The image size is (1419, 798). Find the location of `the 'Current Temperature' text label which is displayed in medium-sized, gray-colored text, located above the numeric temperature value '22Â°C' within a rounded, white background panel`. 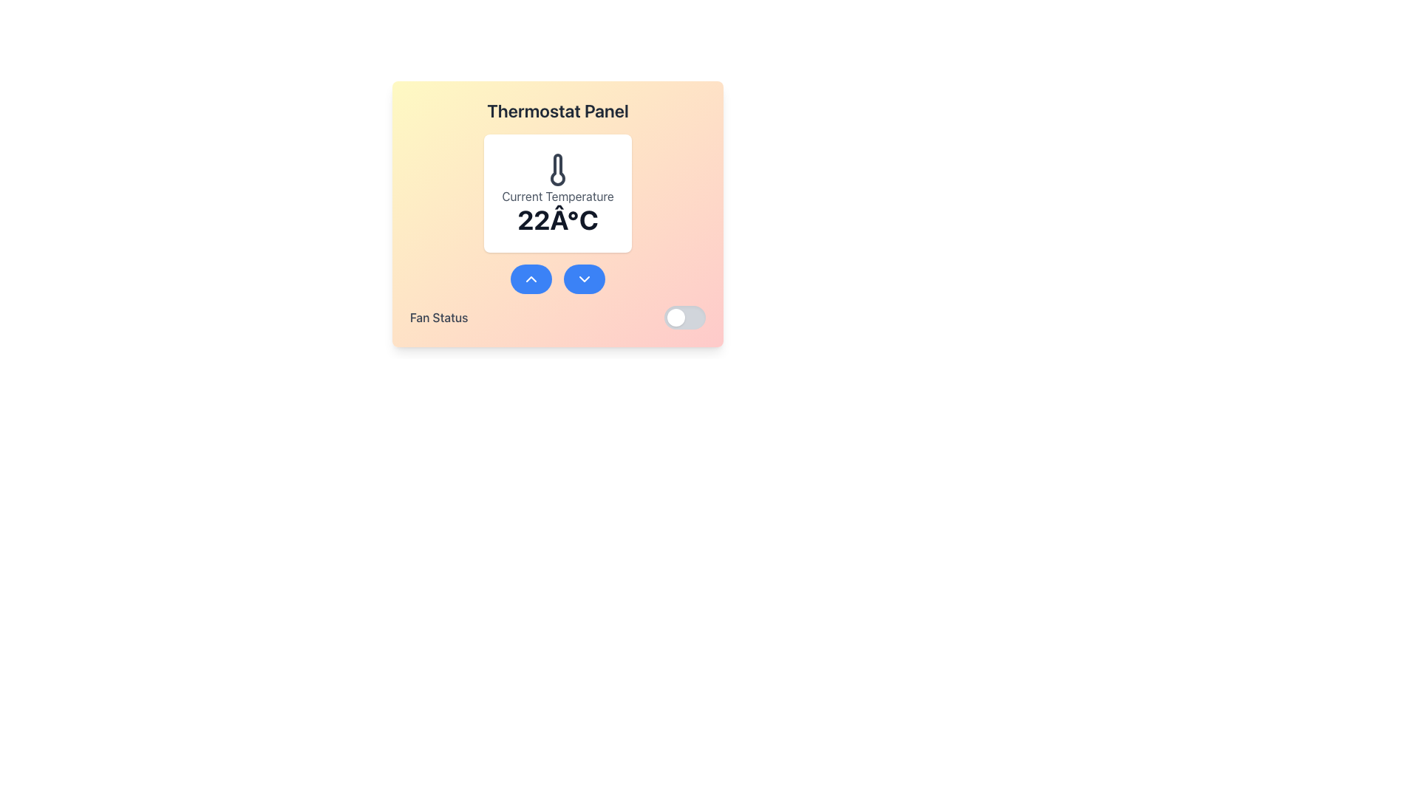

the 'Current Temperature' text label which is displayed in medium-sized, gray-colored text, located above the numeric temperature value '22Â°C' within a rounded, white background panel is located at coordinates (557, 196).